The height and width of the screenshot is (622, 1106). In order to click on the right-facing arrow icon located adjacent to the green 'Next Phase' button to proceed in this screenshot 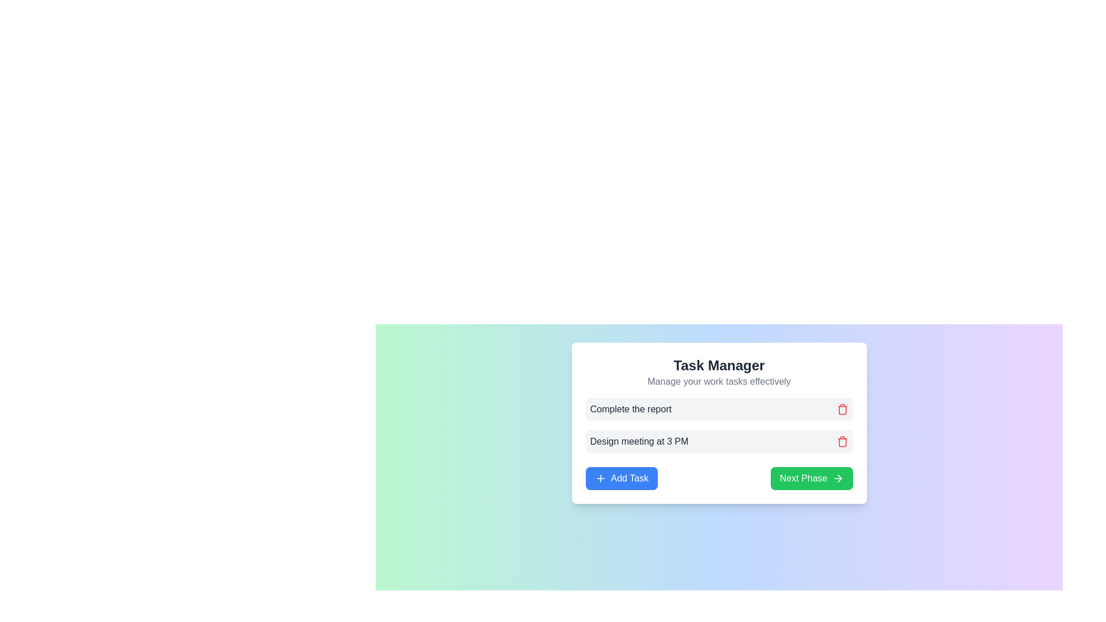, I will do `click(838, 478)`.